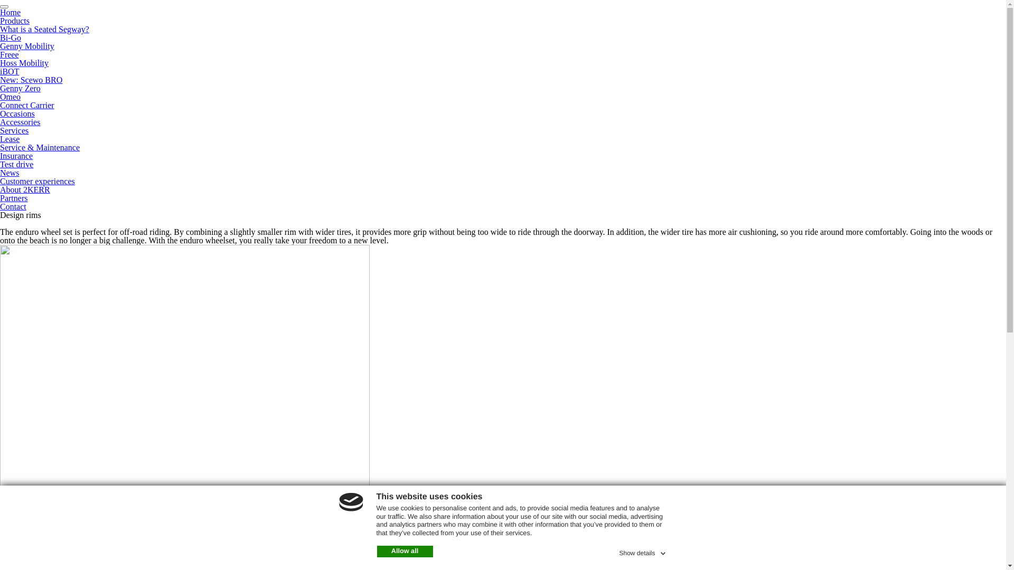 The height and width of the screenshot is (570, 1014). Describe the element at coordinates (10, 37) in the screenshot. I see `'Bi-Go'` at that location.